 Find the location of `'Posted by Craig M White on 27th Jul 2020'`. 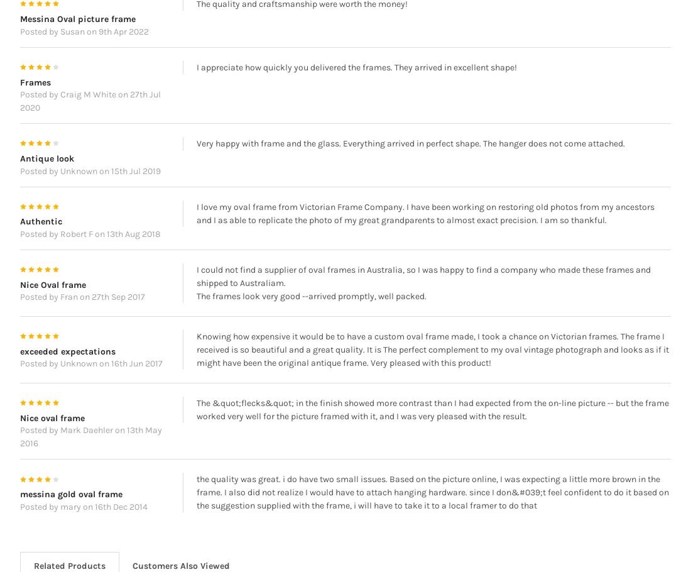

'Posted by Craig M White on 27th Jul 2020' is located at coordinates (89, 119).